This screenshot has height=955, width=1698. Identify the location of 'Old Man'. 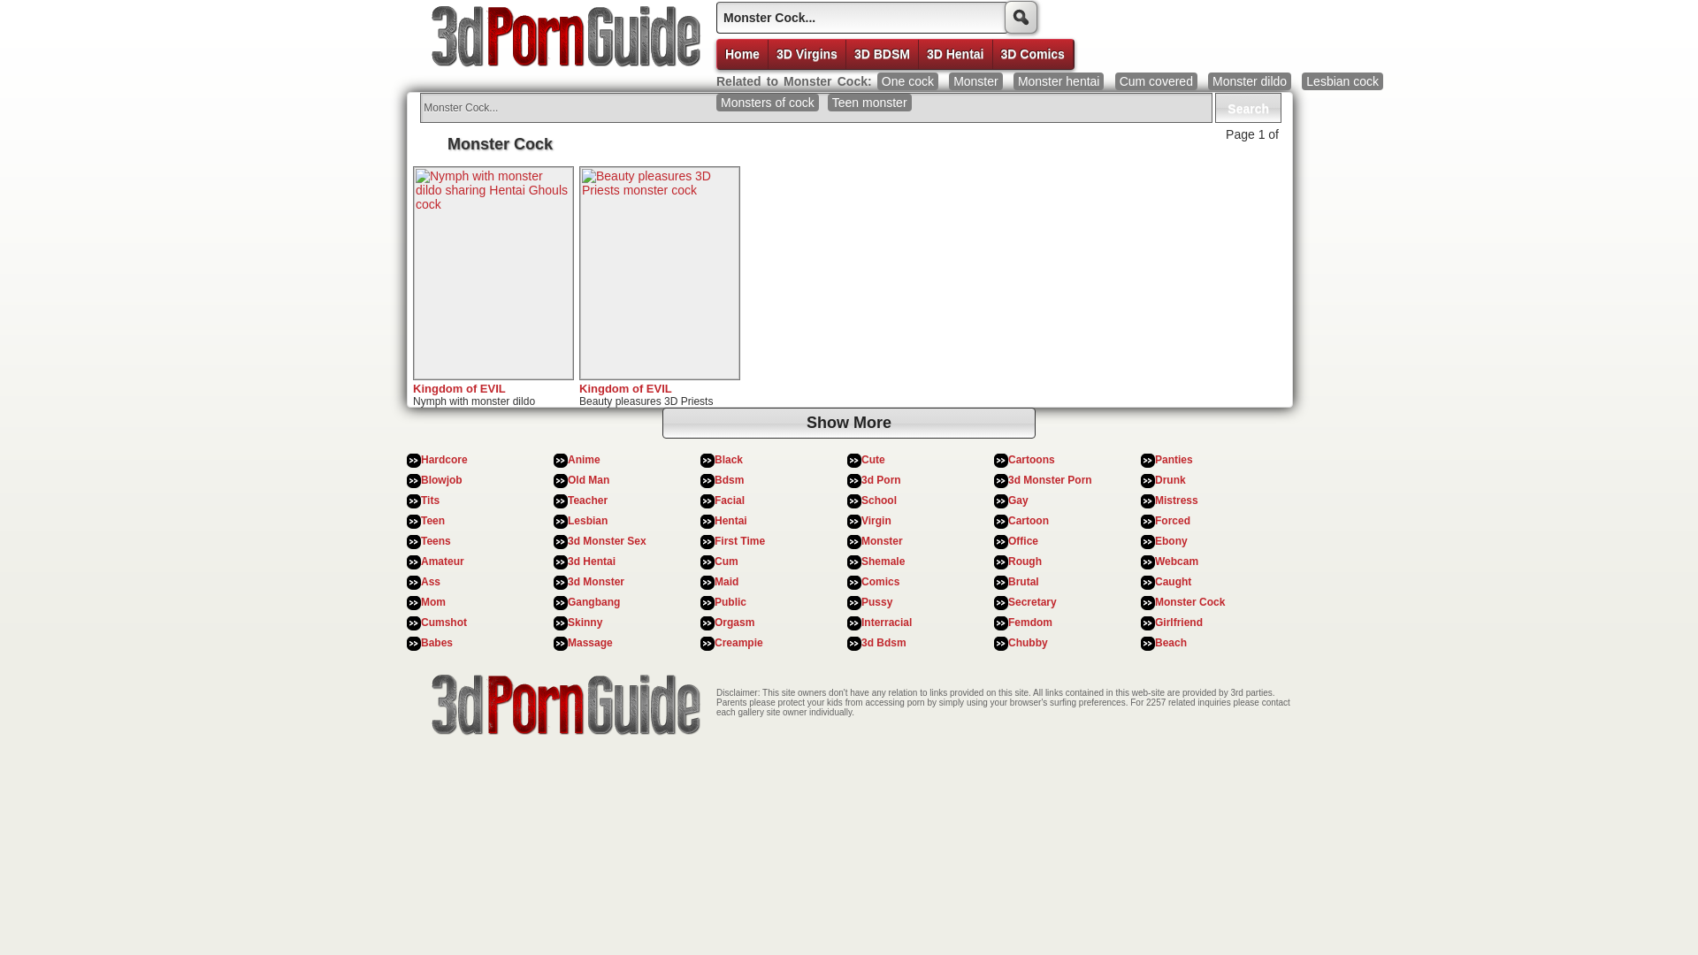
(588, 480).